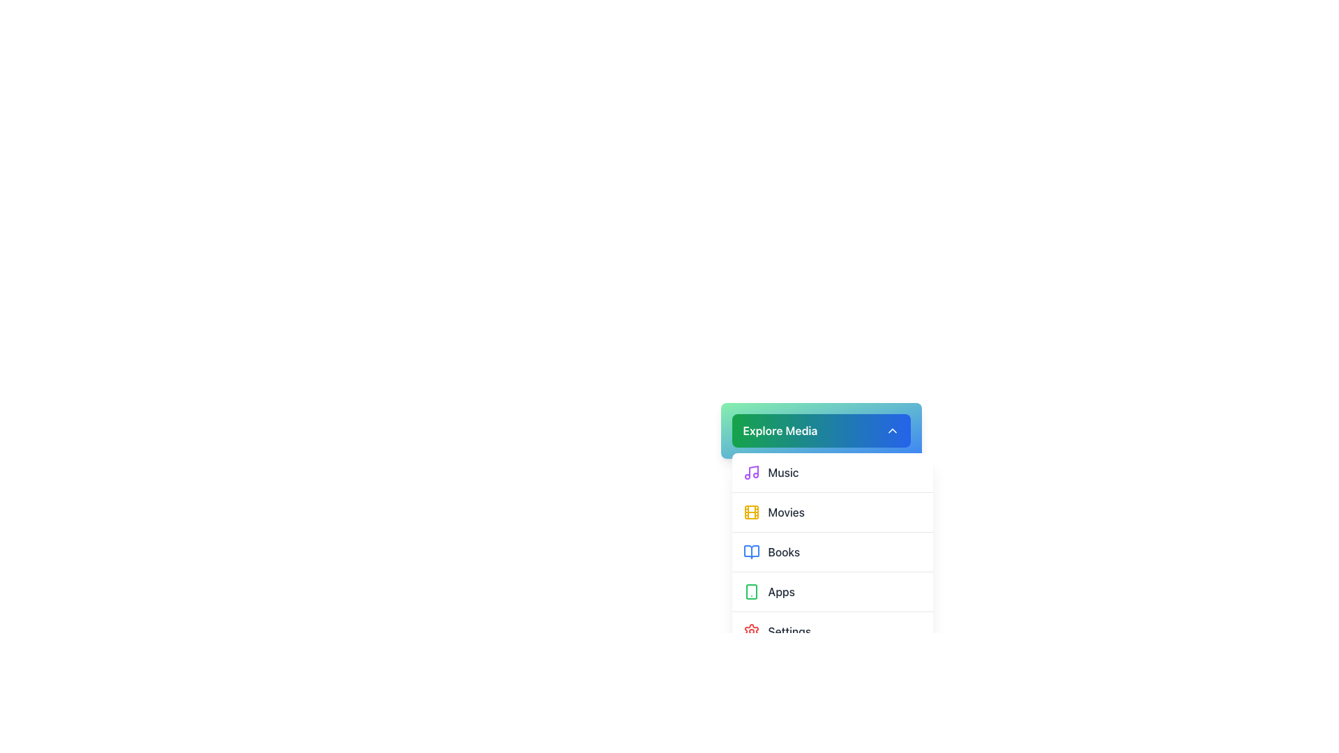 The width and height of the screenshot is (1339, 753). Describe the element at coordinates (752, 471) in the screenshot. I see `the decorative music-themed icon representing an eighth note, which is styled in purple and located next to the 'Music' label in the media options list` at that location.